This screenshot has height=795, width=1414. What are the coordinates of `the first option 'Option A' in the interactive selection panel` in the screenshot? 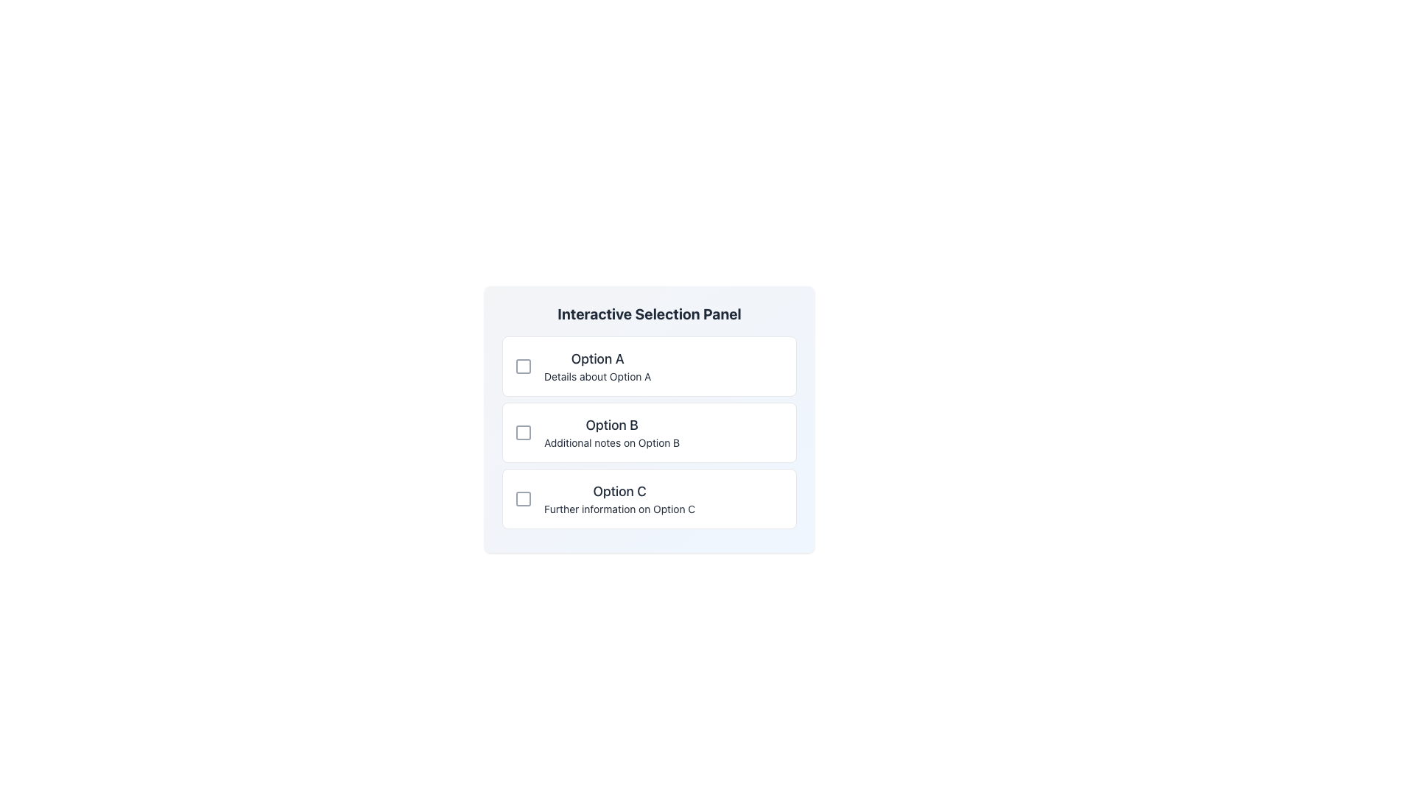 It's located at (597, 365).